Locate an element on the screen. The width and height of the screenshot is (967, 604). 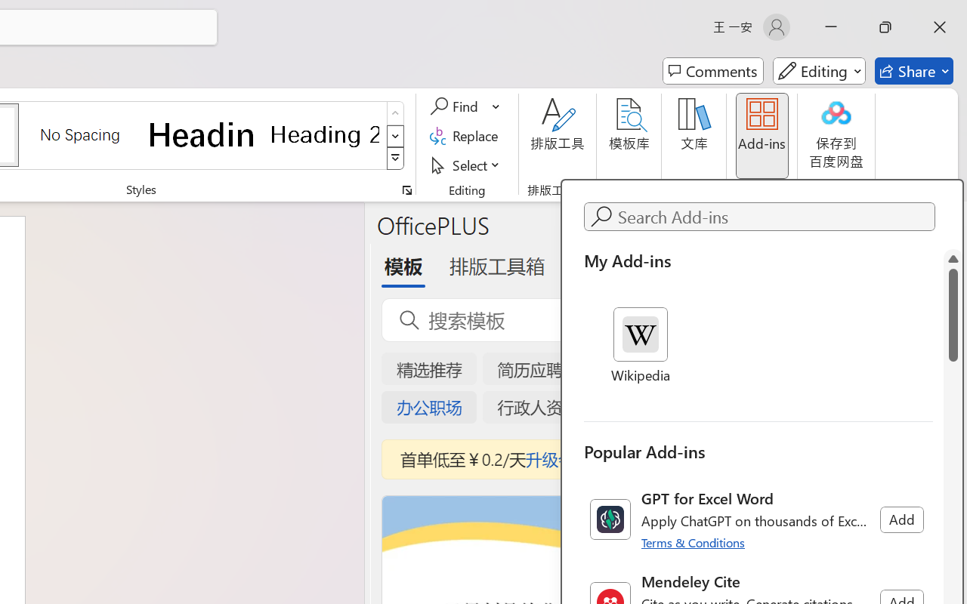
'Mode' is located at coordinates (818, 71).